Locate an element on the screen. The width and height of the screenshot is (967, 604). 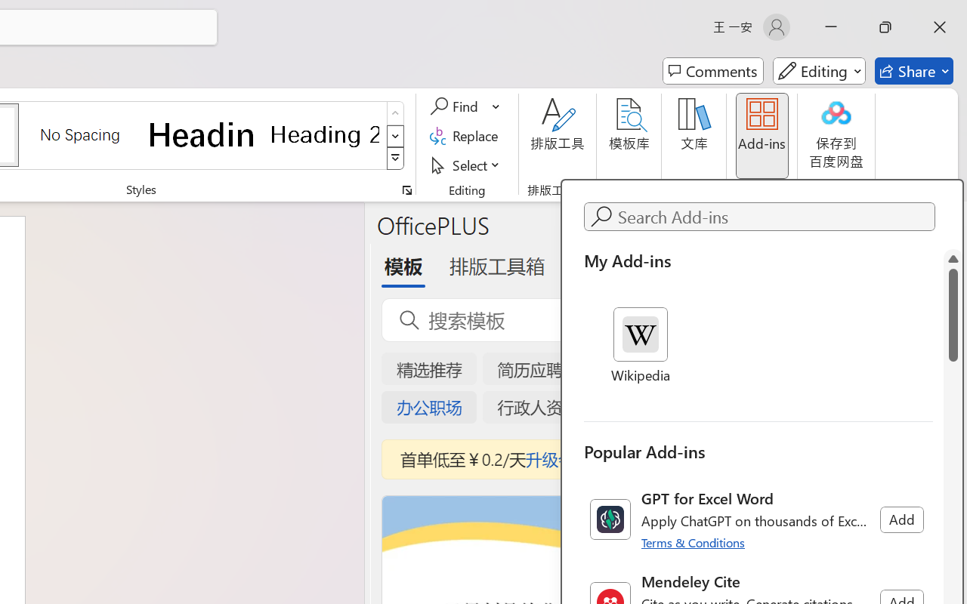
'Mode' is located at coordinates (818, 71).